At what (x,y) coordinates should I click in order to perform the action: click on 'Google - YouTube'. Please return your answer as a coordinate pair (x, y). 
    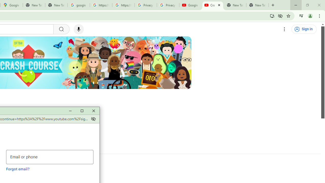
    Looking at the image, I should click on (190, 5).